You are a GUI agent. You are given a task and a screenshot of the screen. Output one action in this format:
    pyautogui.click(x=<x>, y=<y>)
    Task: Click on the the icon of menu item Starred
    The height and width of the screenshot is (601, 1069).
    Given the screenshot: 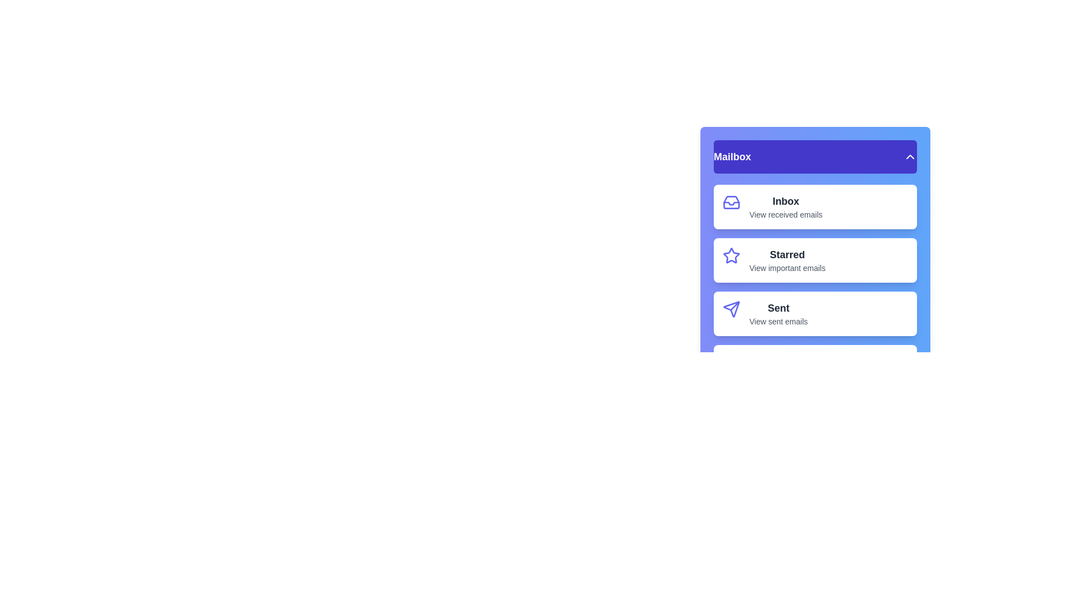 What is the action you would take?
    pyautogui.click(x=732, y=255)
    